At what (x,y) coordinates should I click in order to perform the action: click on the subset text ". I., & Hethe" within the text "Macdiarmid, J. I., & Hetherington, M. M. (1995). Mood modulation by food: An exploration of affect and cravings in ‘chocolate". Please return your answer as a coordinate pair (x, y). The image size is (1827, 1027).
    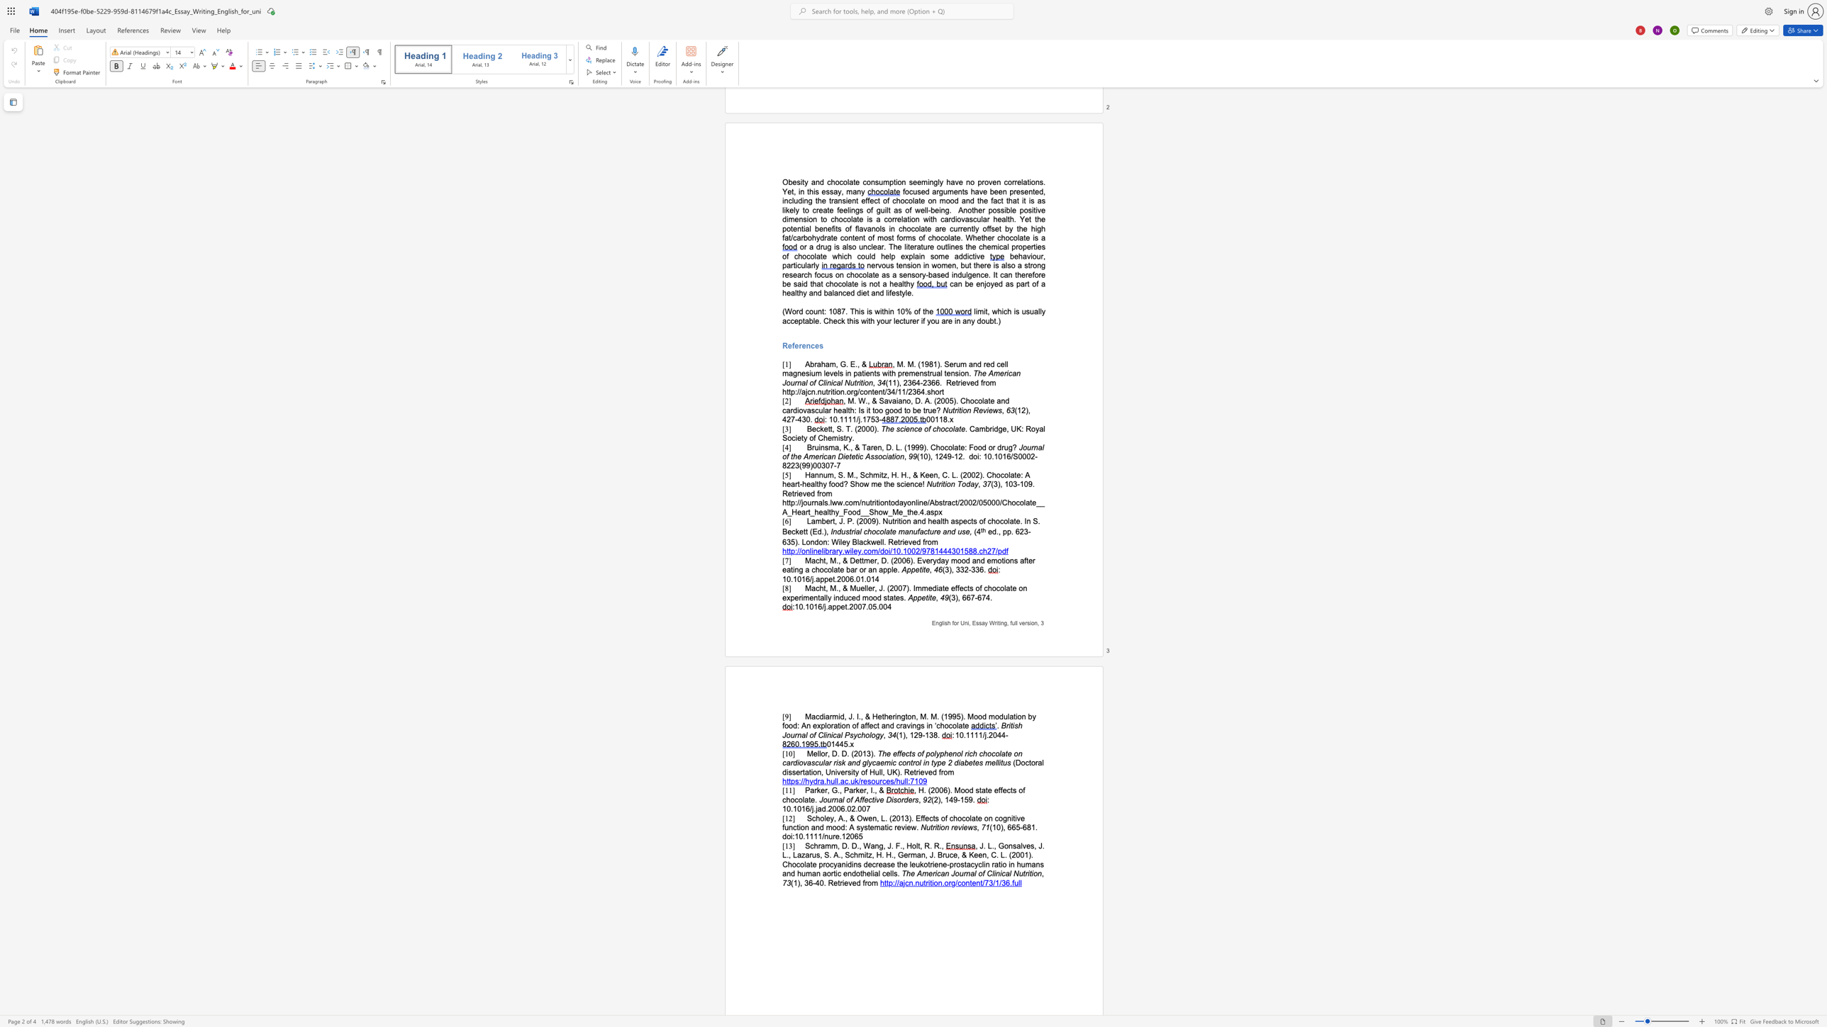
    Looking at the image, I should click on (852, 716).